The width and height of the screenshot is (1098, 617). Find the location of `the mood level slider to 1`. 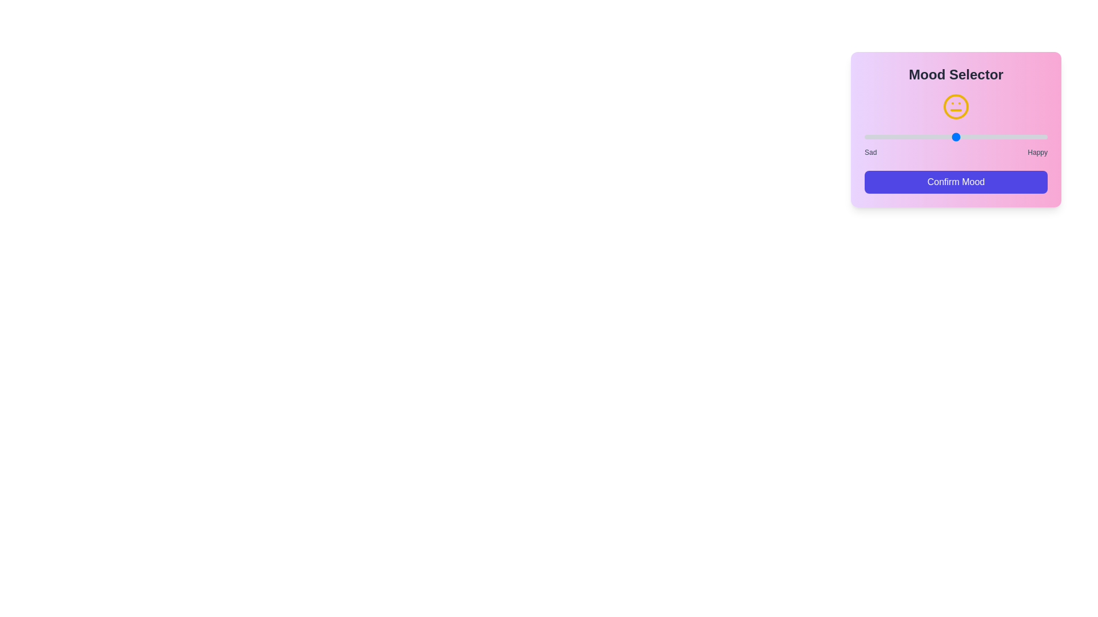

the mood level slider to 1 is located at coordinates (865, 136).